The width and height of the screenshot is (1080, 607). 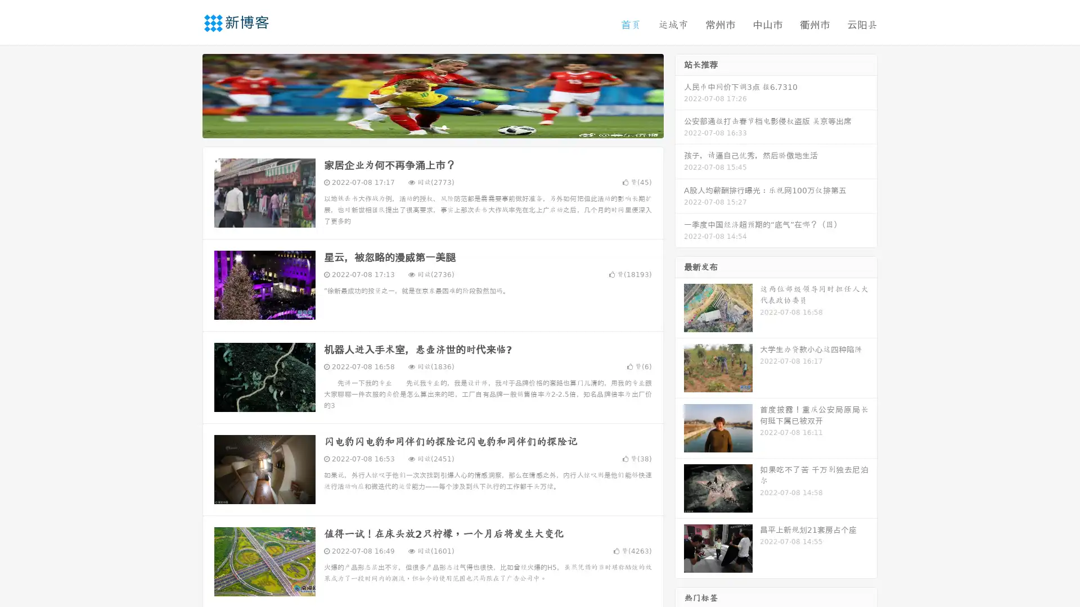 What do you see at coordinates (444, 126) in the screenshot?
I see `Go to slide 3` at bounding box center [444, 126].